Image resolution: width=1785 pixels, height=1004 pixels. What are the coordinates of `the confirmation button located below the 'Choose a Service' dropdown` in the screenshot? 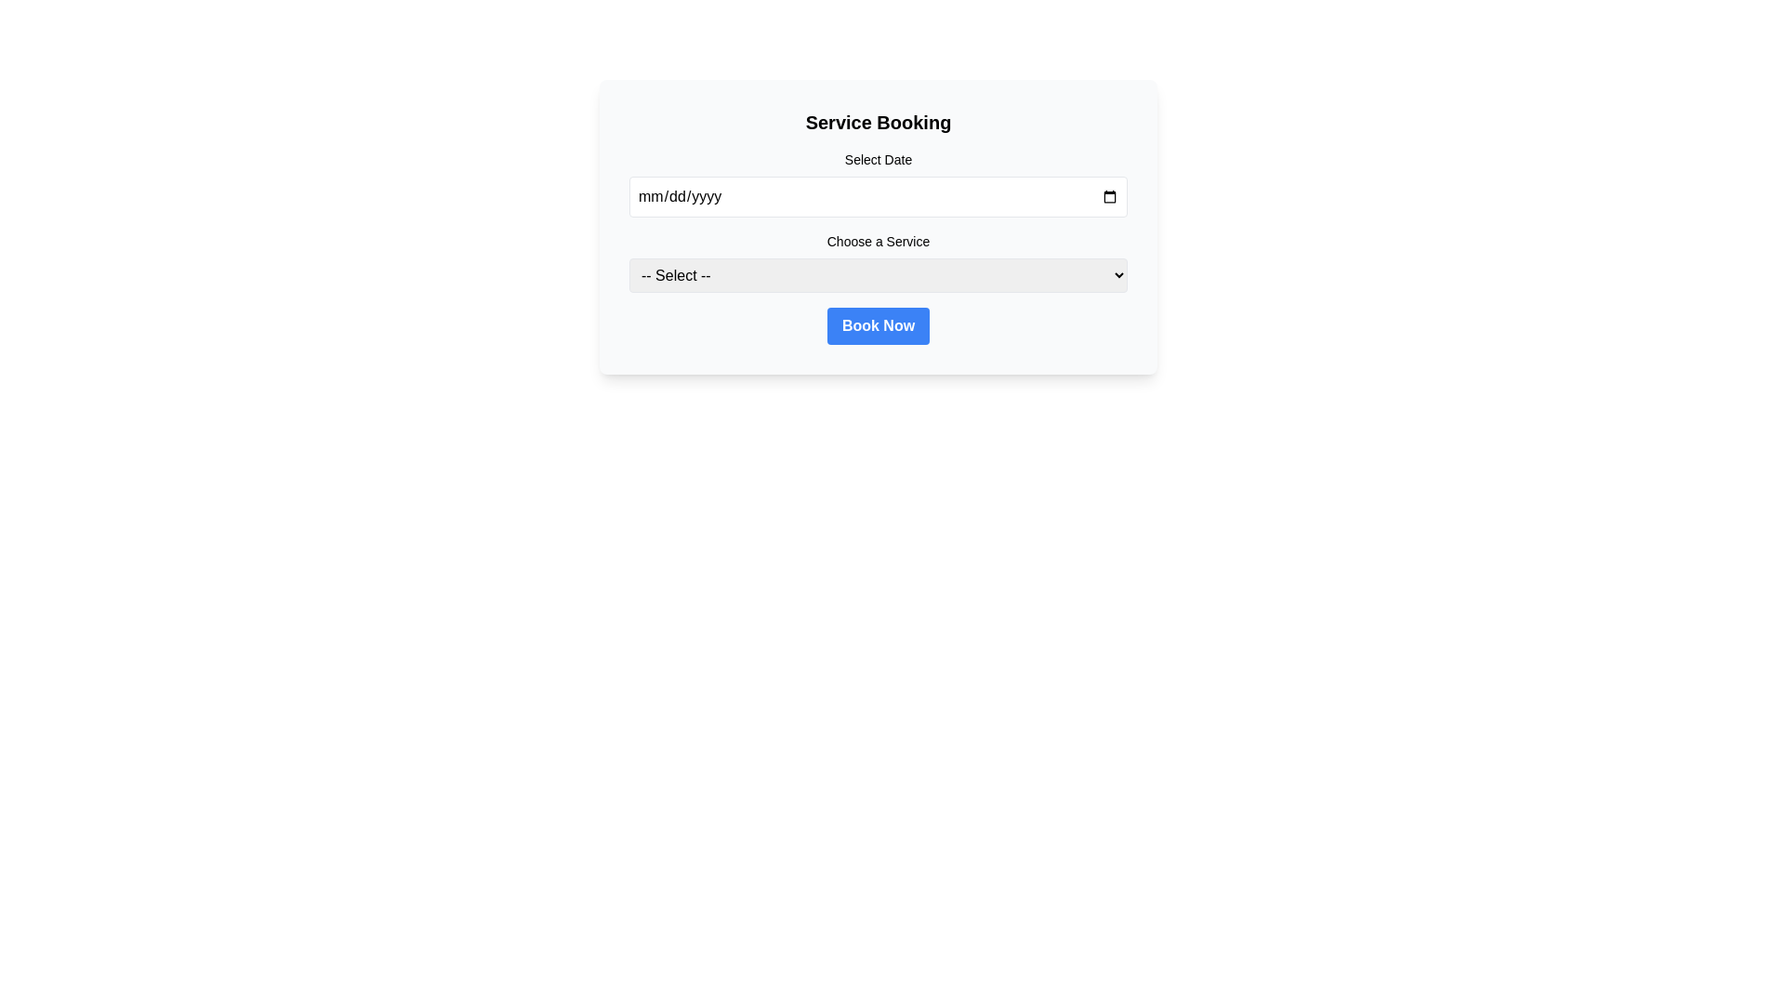 It's located at (878, 325).